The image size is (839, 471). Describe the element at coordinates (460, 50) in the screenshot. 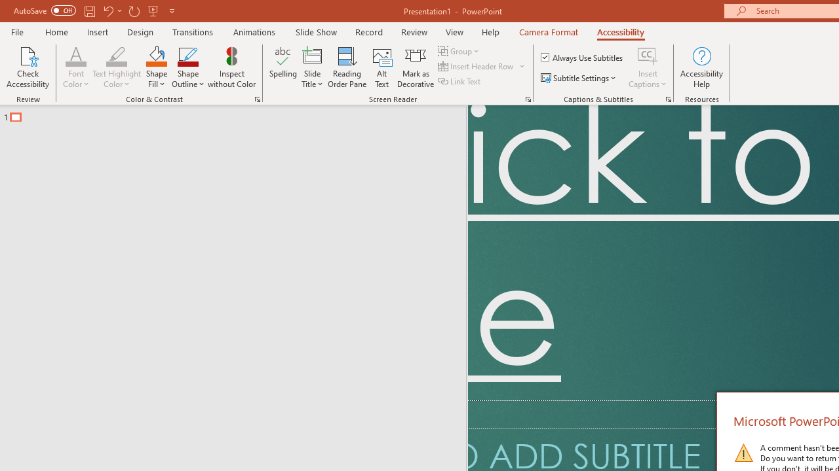

I see `'Group'` at that location.